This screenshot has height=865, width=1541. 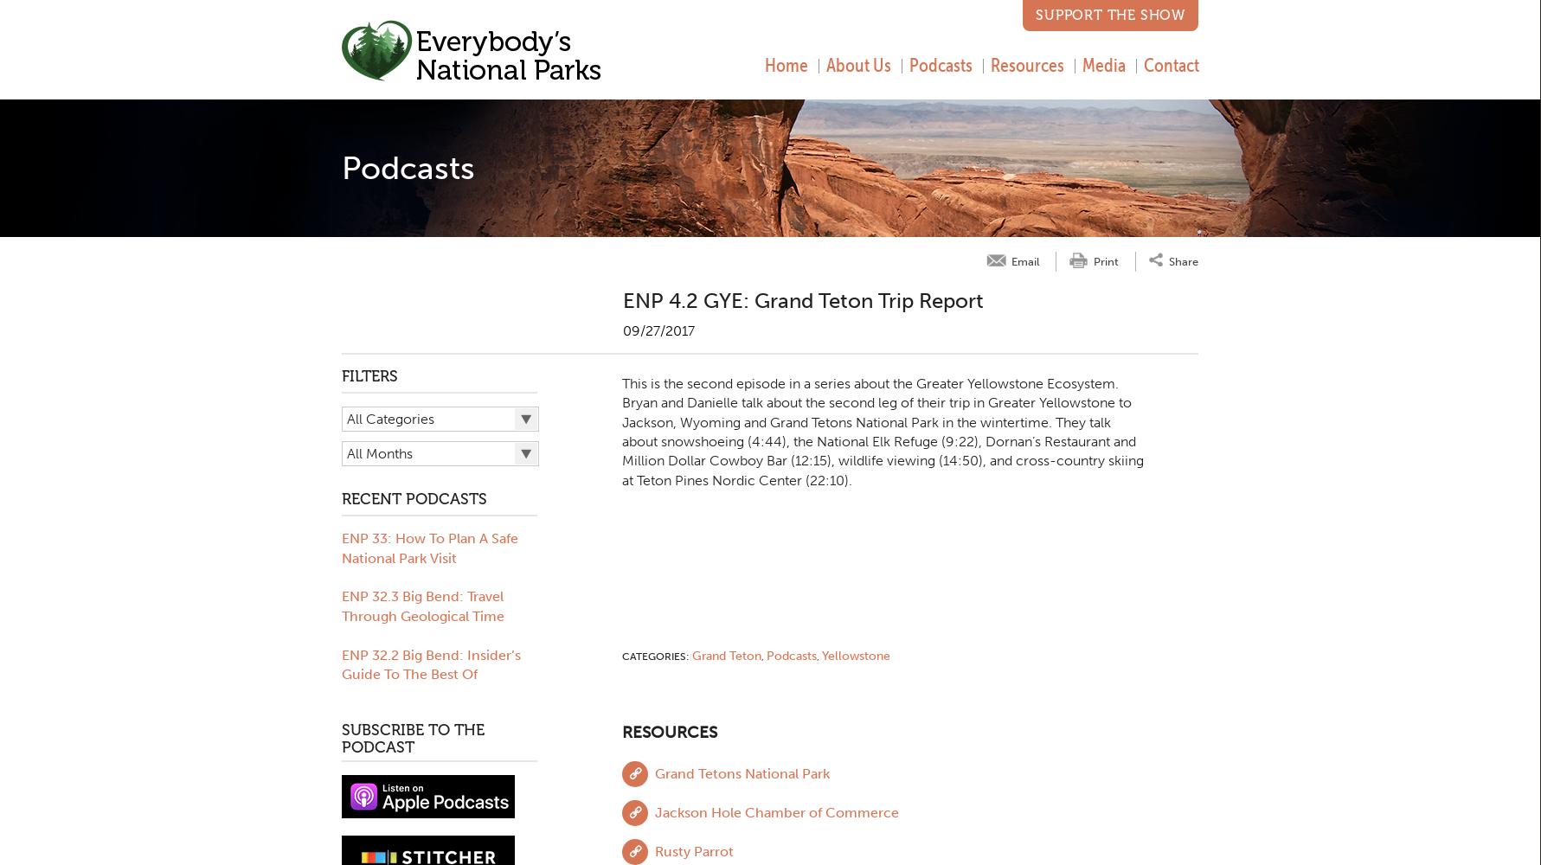 What do you see at coordinates (397, 711) in the screenshot?
I see `'Moon Travel Guides'` at bounding box center [397, 711].